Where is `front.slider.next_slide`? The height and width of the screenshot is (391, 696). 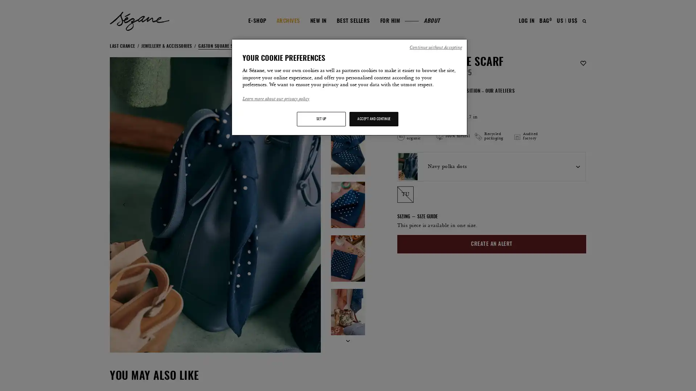
front.slider.next_slide is located at coordinates (306, 205).